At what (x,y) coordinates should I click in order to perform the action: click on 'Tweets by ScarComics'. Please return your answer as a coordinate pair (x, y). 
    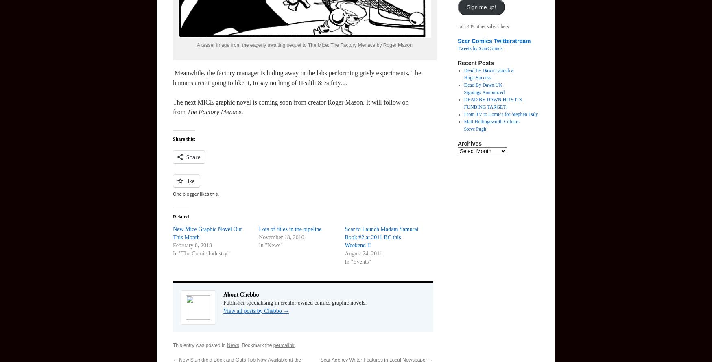
    Looking at the image, I should click on (458, 48).